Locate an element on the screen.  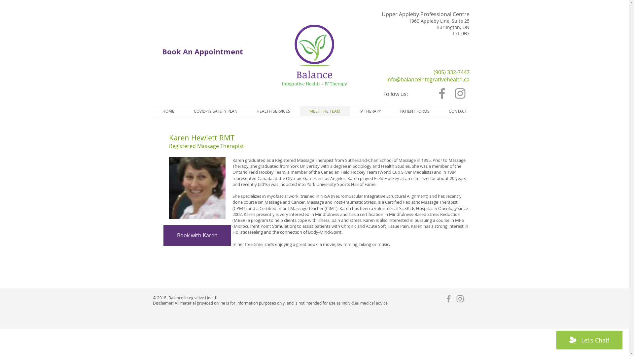
'info@balanceintegrativehealth.ca' is located at coordinates (428, 79).